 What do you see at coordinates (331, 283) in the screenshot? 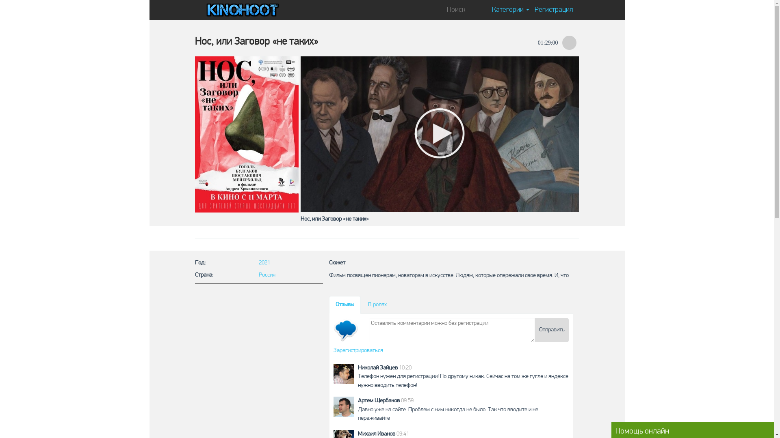
I see `'...'` at bounding box center [331, 283].